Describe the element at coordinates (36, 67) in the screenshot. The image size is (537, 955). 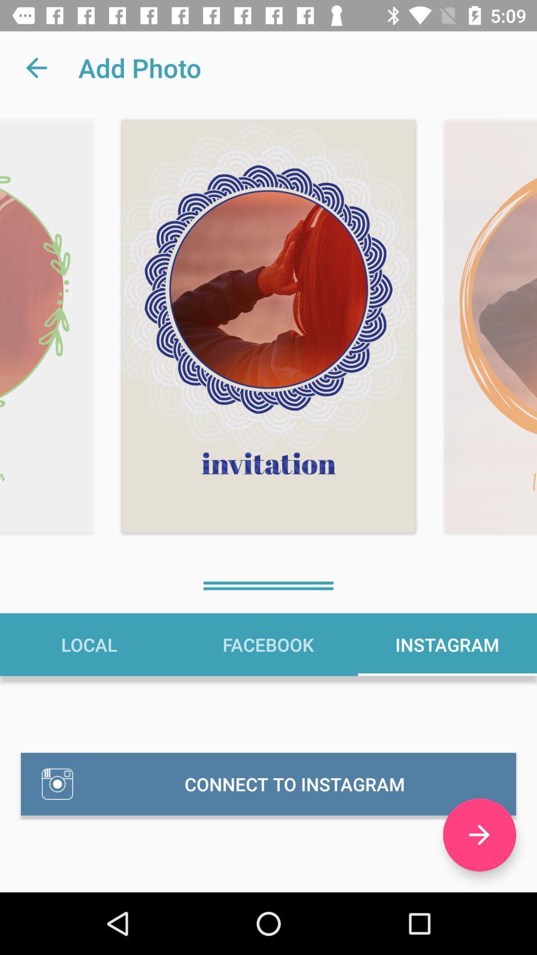
I see `the icon next to add photo icon` at that location.